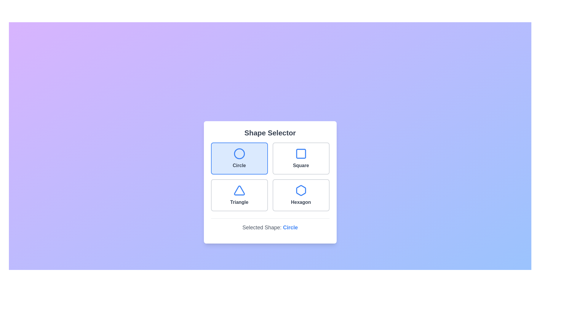 Image resolution: width=569 pixels, height=320 pixels. What do you see at coordinates (239, 158) in the screenshot?
I see `the shape button corresponding to Circle` at bounding box center [239, 158].